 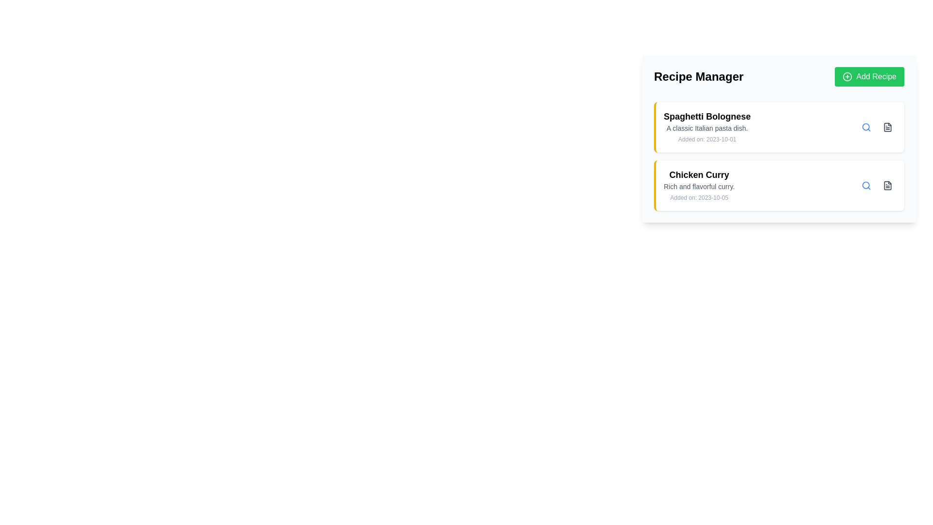 What do you see at coordinates (707, 127) in the screenshot?
I see `information presented in the text block titled 'Spaghetti Bolognese', which includes a description and a timestamp, located in the upper part of the recipe list` at bounding box center [707, 127].